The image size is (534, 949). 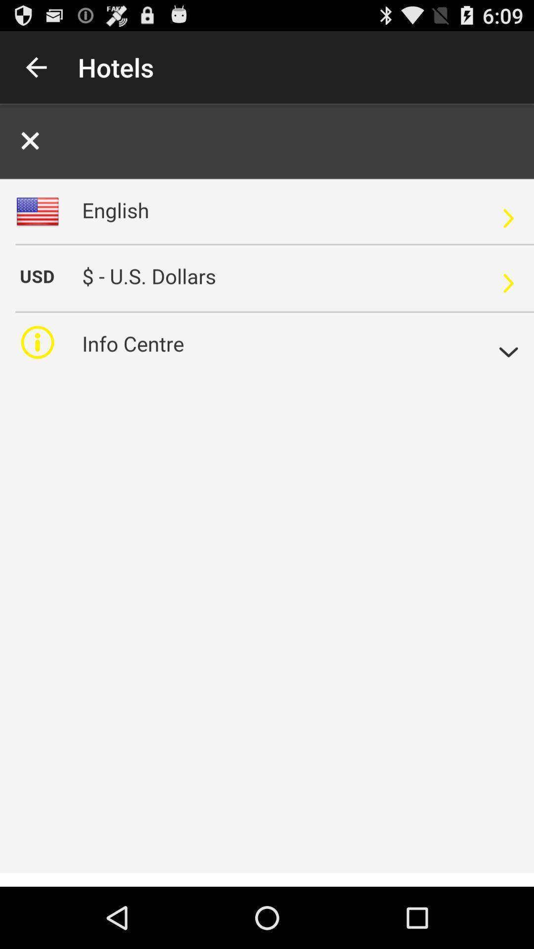 What do you see at coordinates (267, 495) in the screenshot?
I see `alerta para pagina` at bounding box center [267, 495].